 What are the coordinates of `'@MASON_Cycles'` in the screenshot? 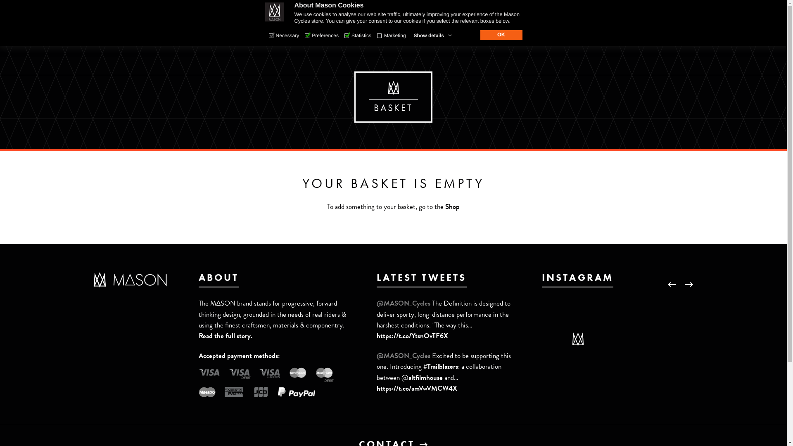 It's located at (376, 303).